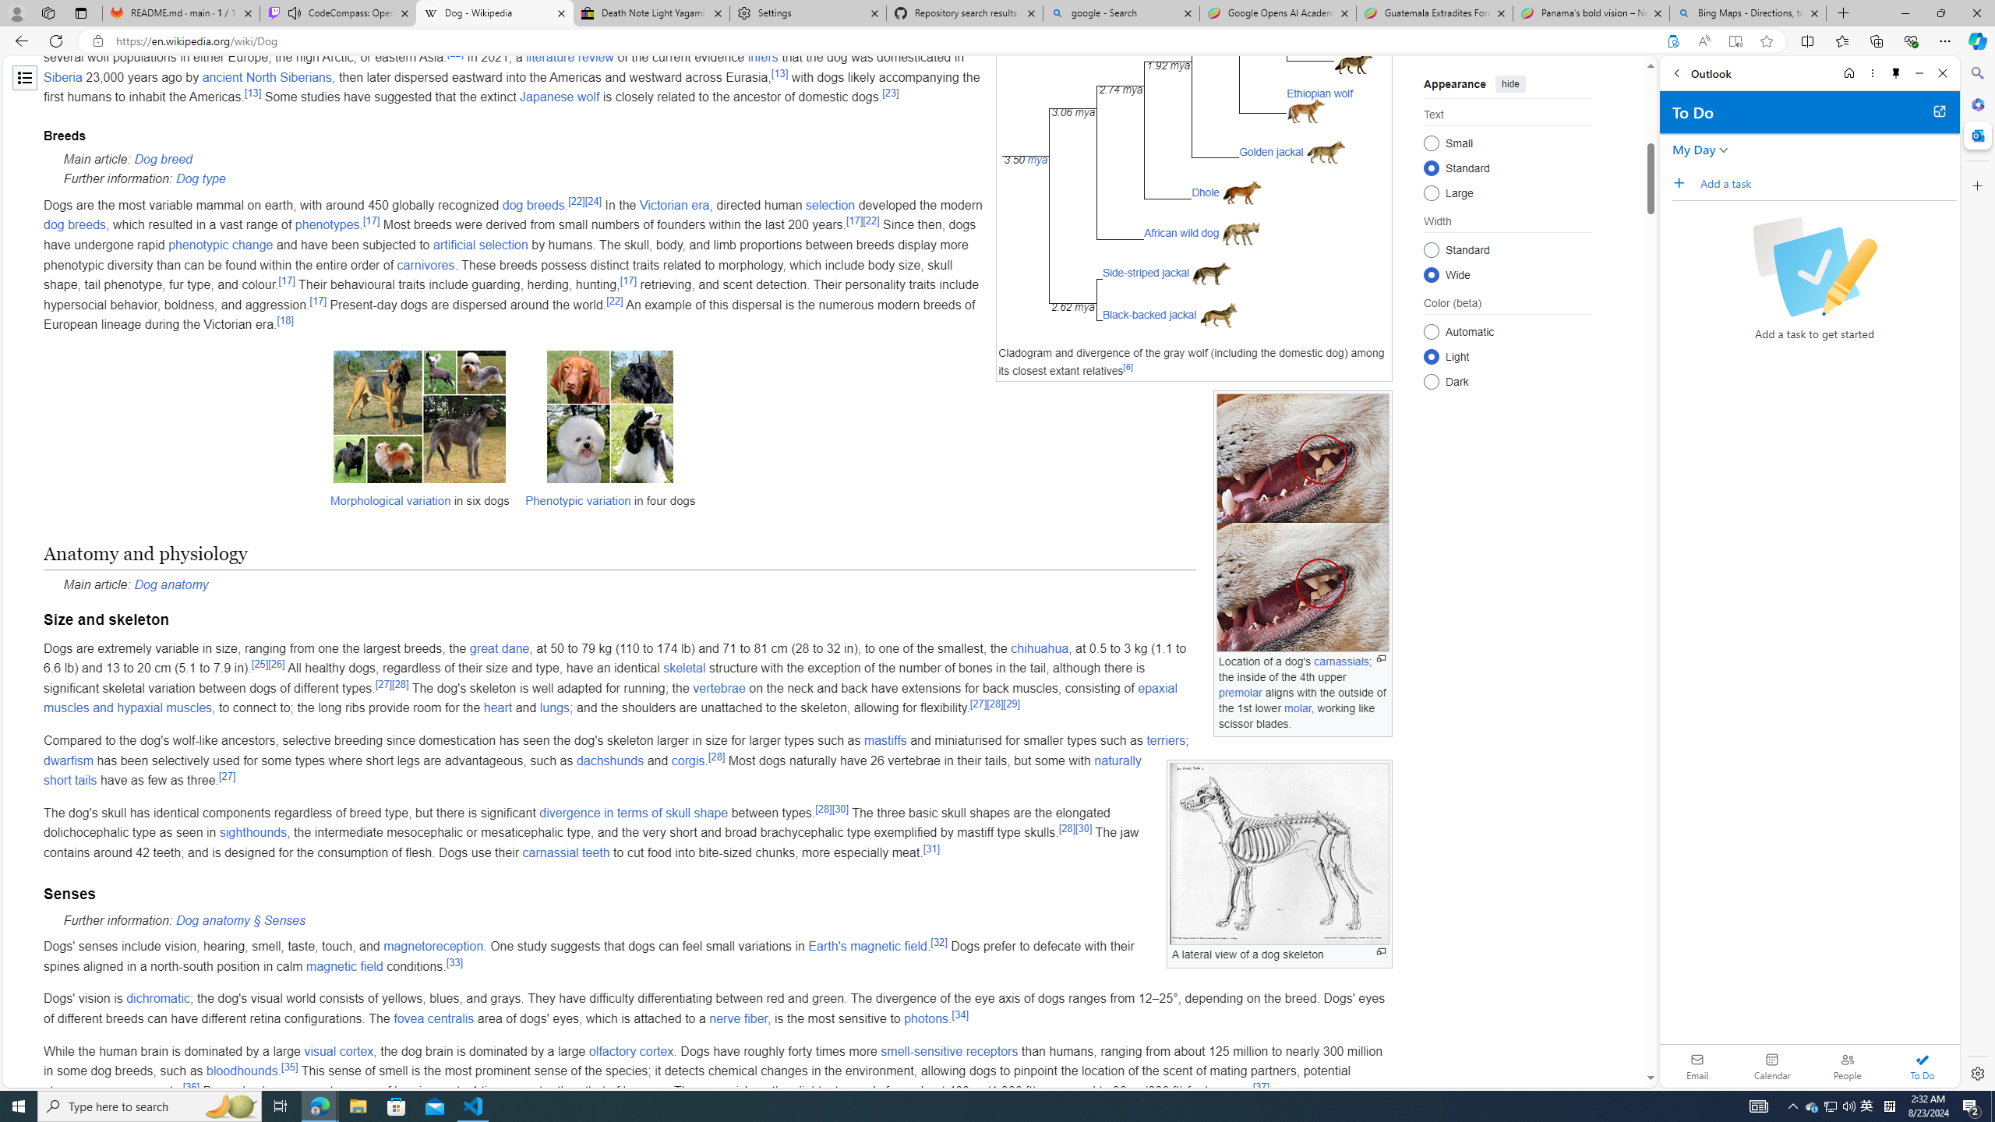  Describe the element at coordinates (158, 999) in the screenshot. I see `'dichromatic'` at that location.